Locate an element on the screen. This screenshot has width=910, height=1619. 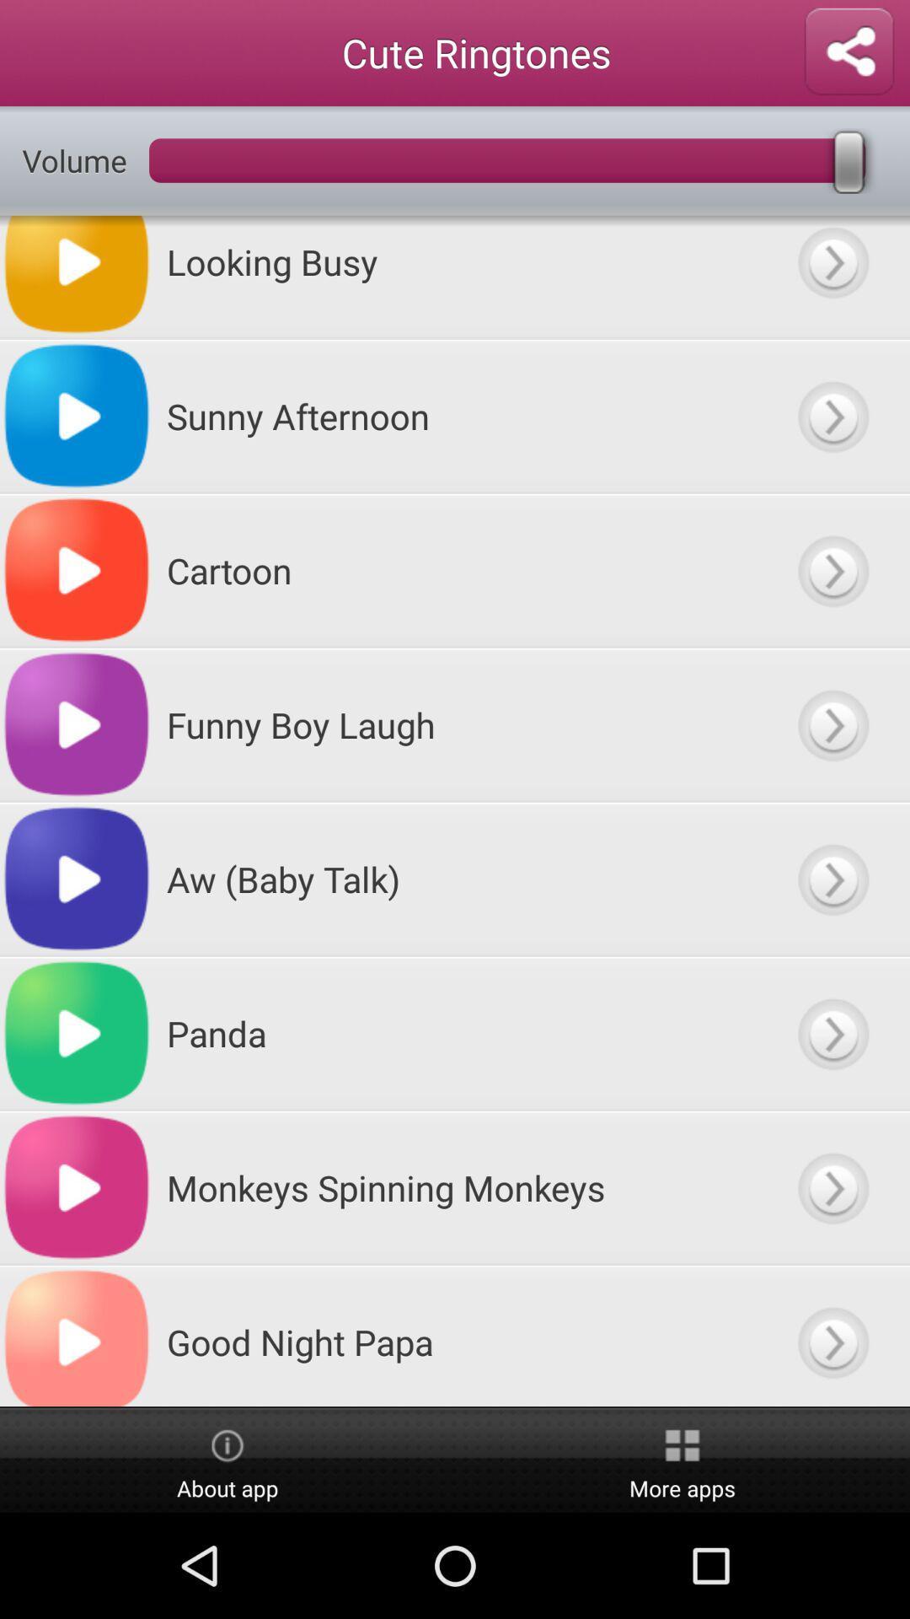
share button is located at coordinates (848, 52).